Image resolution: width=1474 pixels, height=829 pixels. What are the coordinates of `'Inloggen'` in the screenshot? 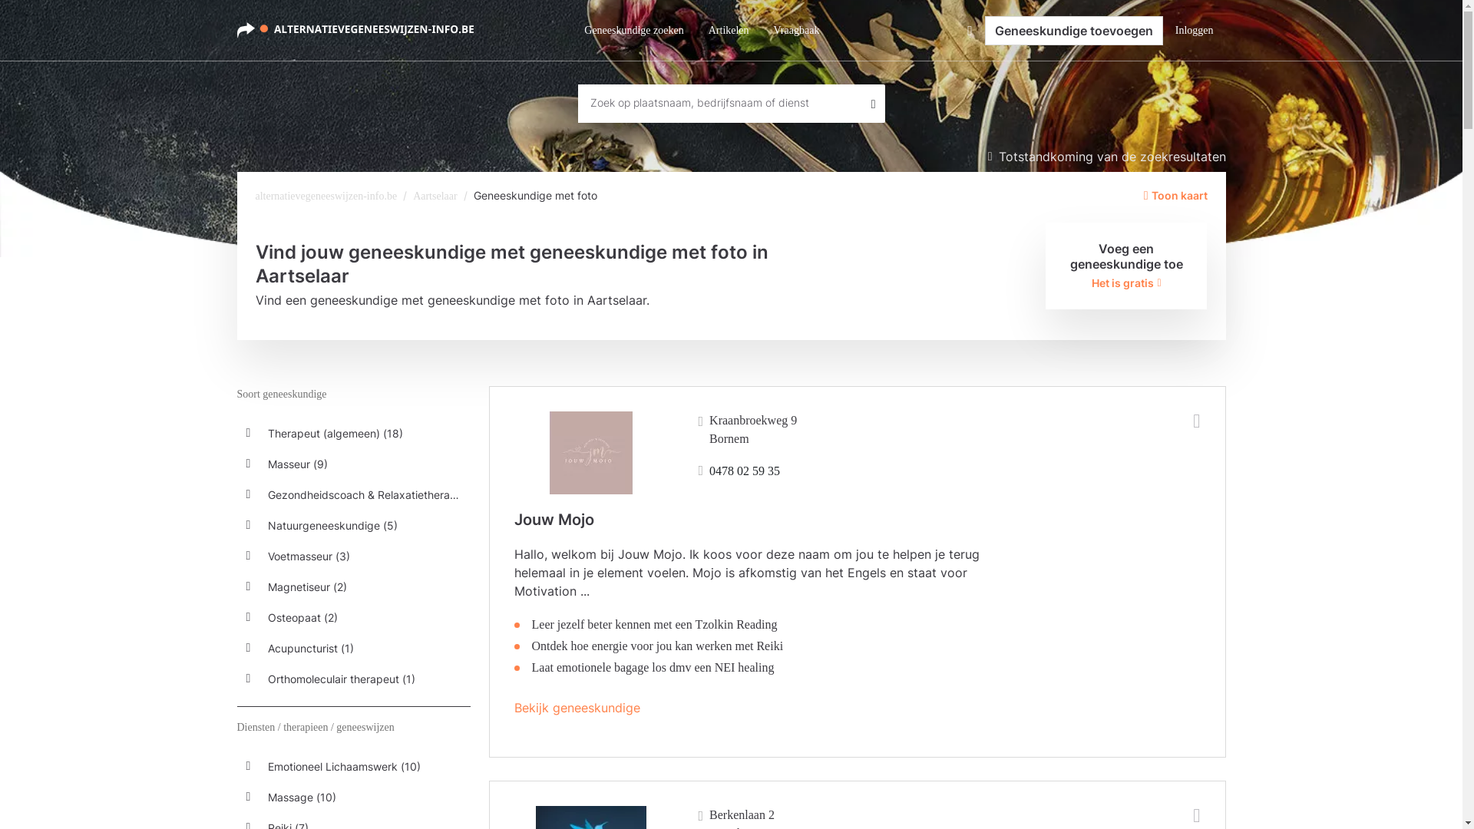 It's located at (1163, 30).